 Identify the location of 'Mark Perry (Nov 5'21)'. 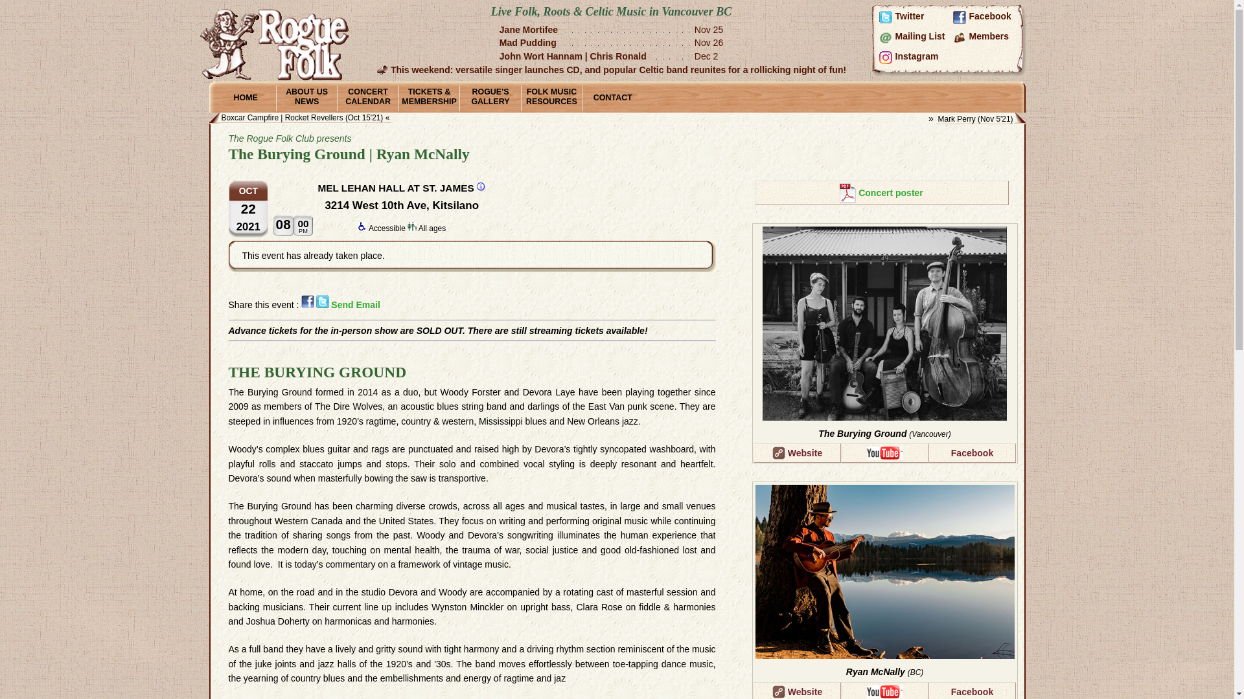
(936, 119).